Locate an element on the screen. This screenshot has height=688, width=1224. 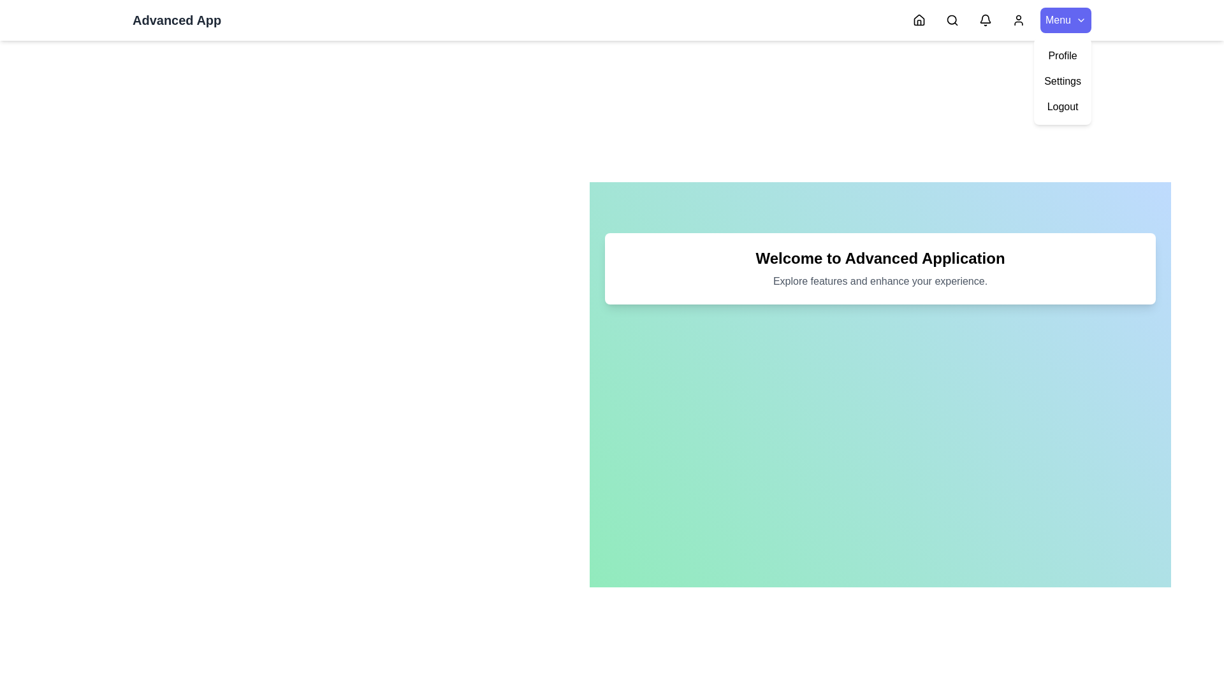
the Home navigation icon is located at coordinates (919, 20).